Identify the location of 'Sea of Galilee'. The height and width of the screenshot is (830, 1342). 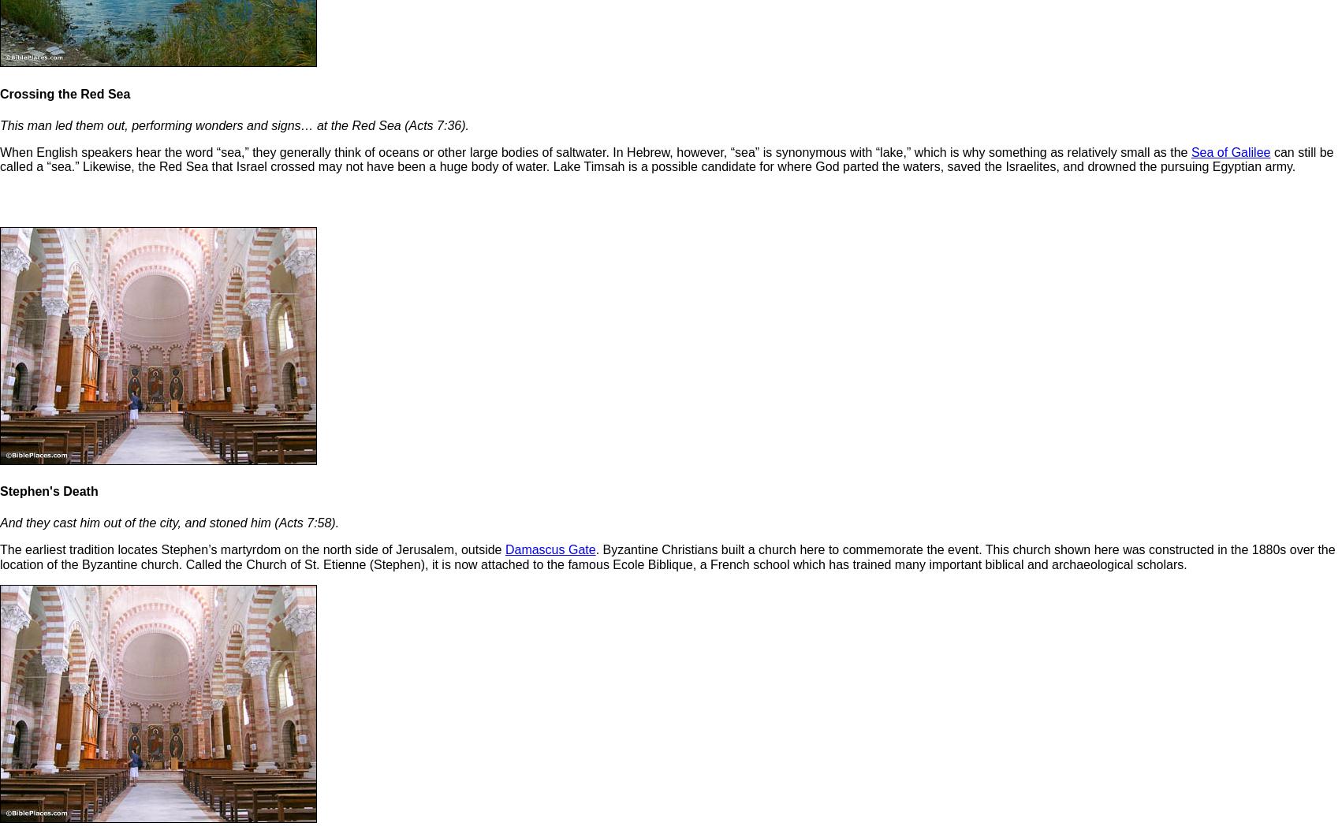
(1191, 151).